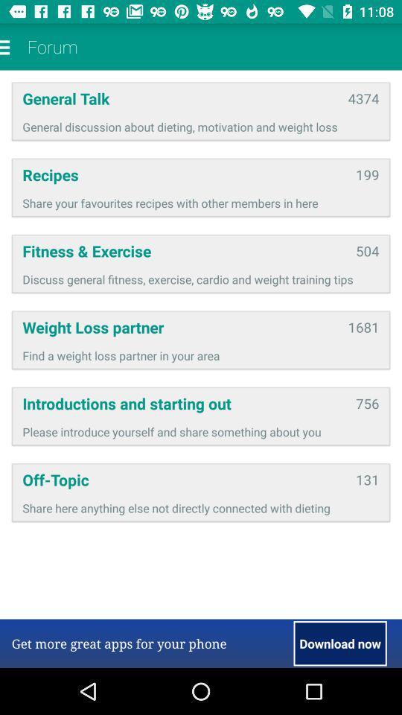 This screenshot has width=402, height=715. Describe the element at coordinates (366, 174) in the screenshot. I see `app above share your favourites icon` at that location.